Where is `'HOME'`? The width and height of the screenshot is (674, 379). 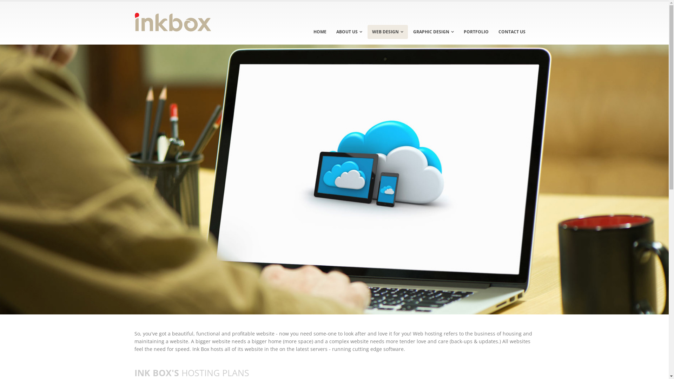 'HOME' is located at coordinates (309, 32).